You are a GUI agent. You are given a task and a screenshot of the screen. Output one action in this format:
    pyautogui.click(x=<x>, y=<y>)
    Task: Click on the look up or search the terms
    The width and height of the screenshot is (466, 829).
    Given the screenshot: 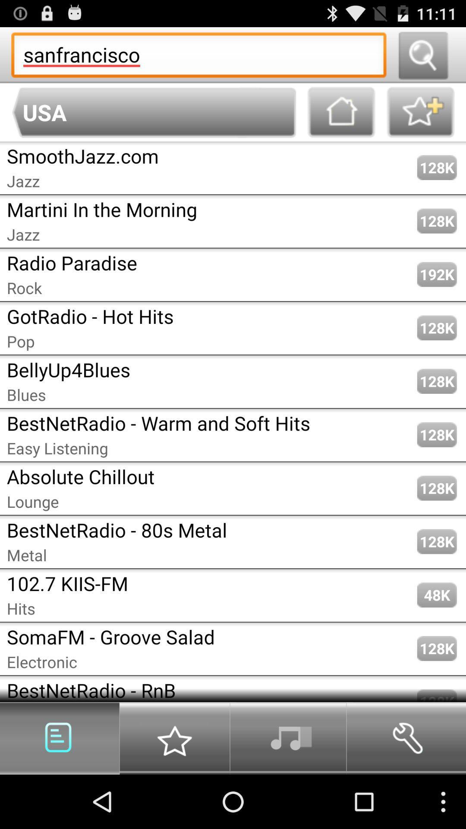 What is the action you would take?
    pyautogui.click(x=422, y=54)
    